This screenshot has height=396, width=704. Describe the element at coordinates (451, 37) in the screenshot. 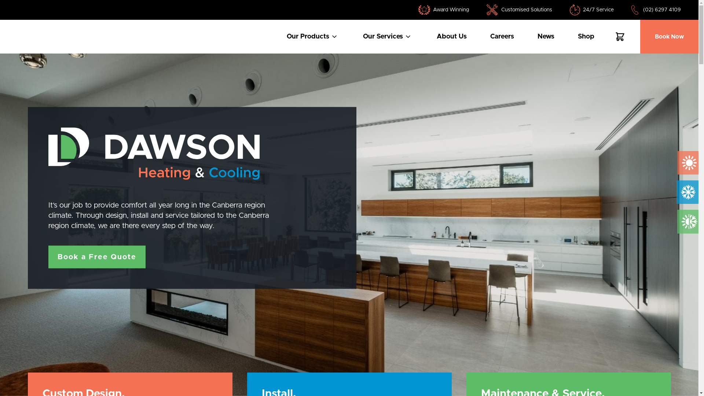

I see `'About Us'` at that location.